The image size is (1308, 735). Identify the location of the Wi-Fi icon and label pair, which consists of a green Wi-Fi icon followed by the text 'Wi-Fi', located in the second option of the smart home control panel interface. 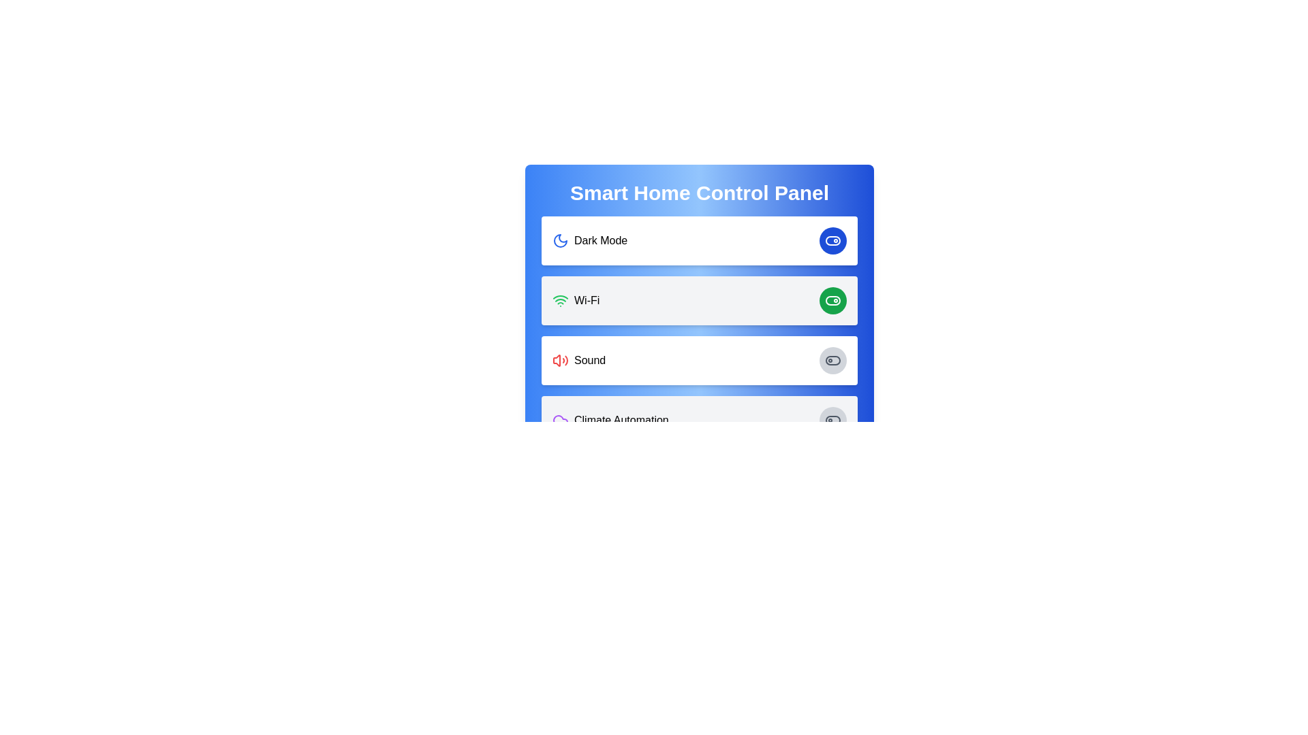
(576, 300).